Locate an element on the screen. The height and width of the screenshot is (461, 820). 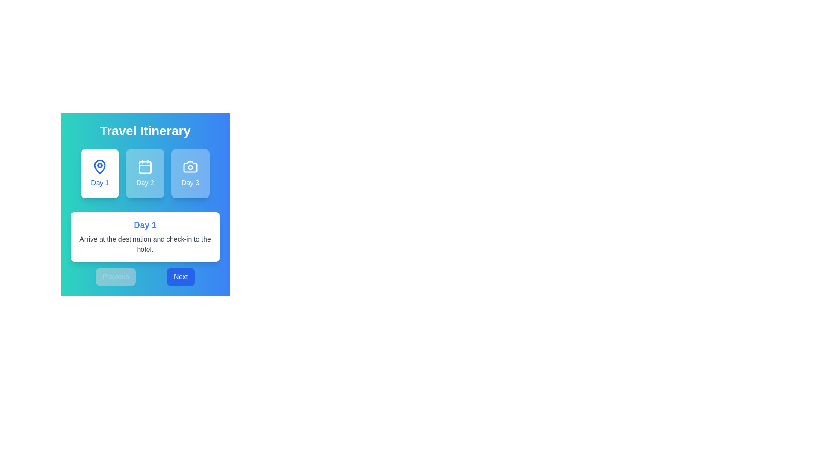
the card for Day 1 to select that day is located at coordinates (100, 173).